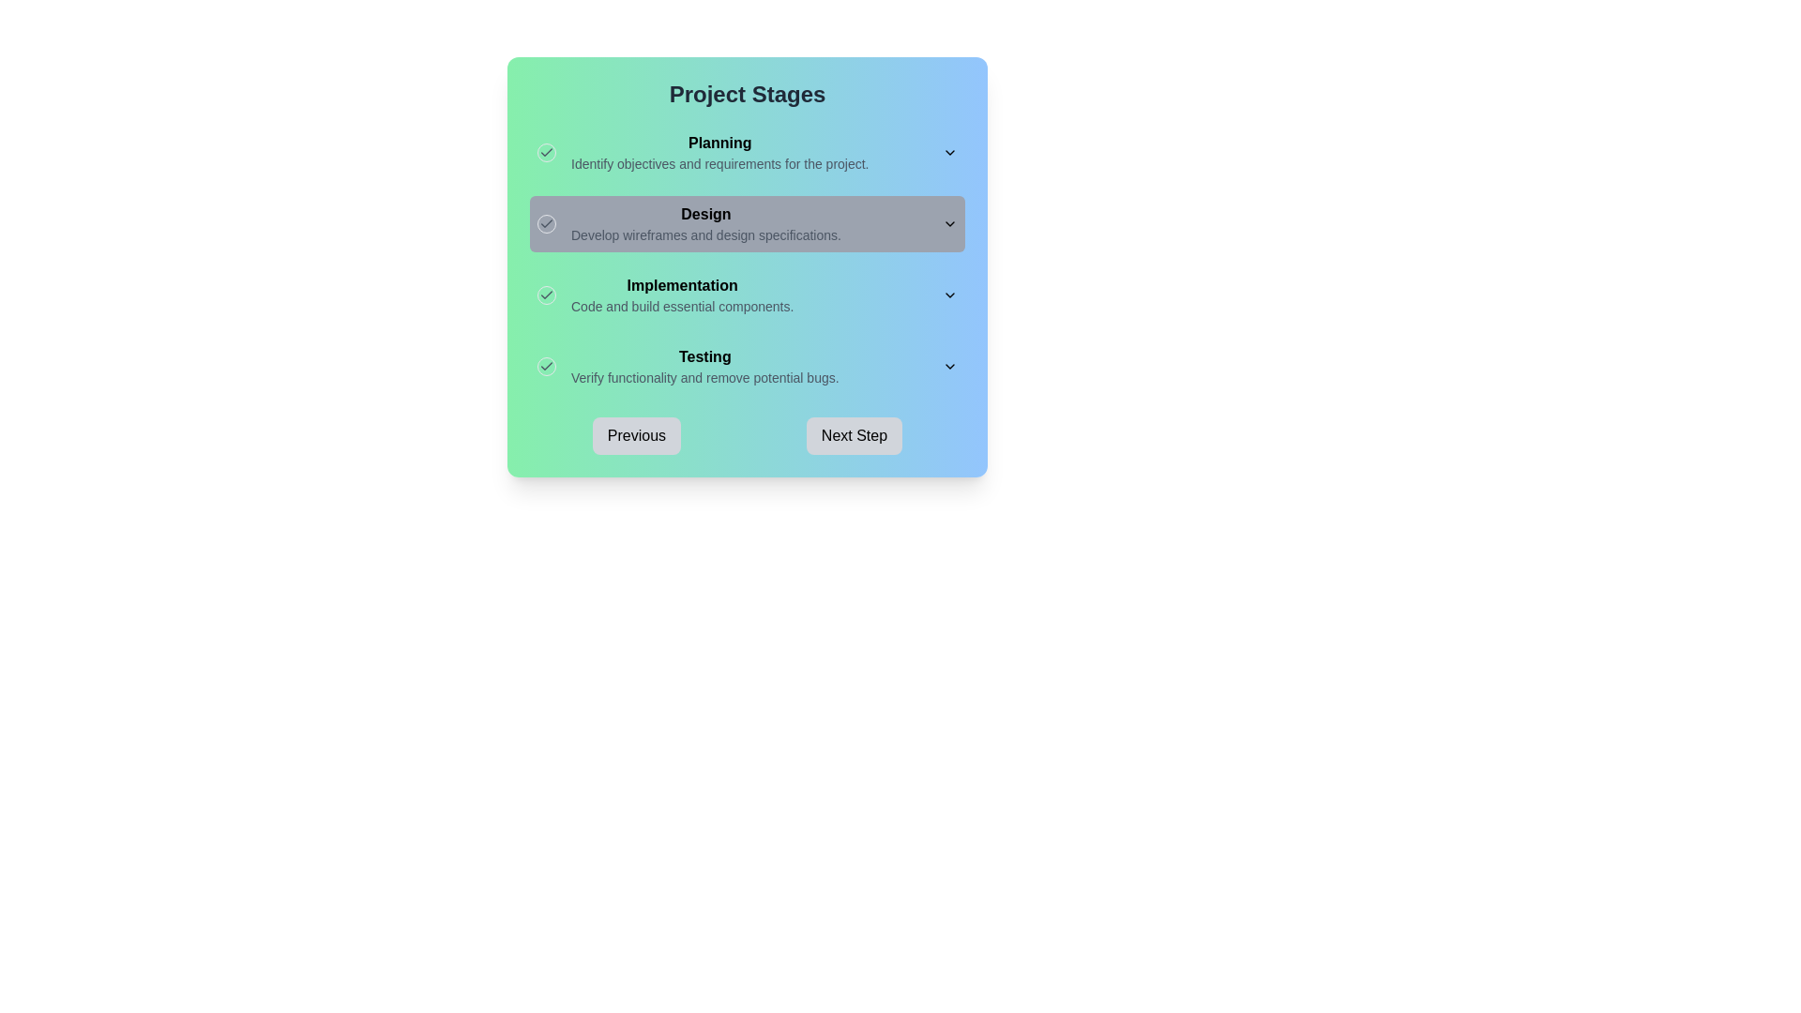 The height and width of the screenshot is (1013, 1801). What do you see at coordinates (705, 213) in the screenshot?
I see `the bold, black text 'Design' which is located within a grey background section, positioned between 'Planning' and 'Implementation'` at bounding box center [705, 213].